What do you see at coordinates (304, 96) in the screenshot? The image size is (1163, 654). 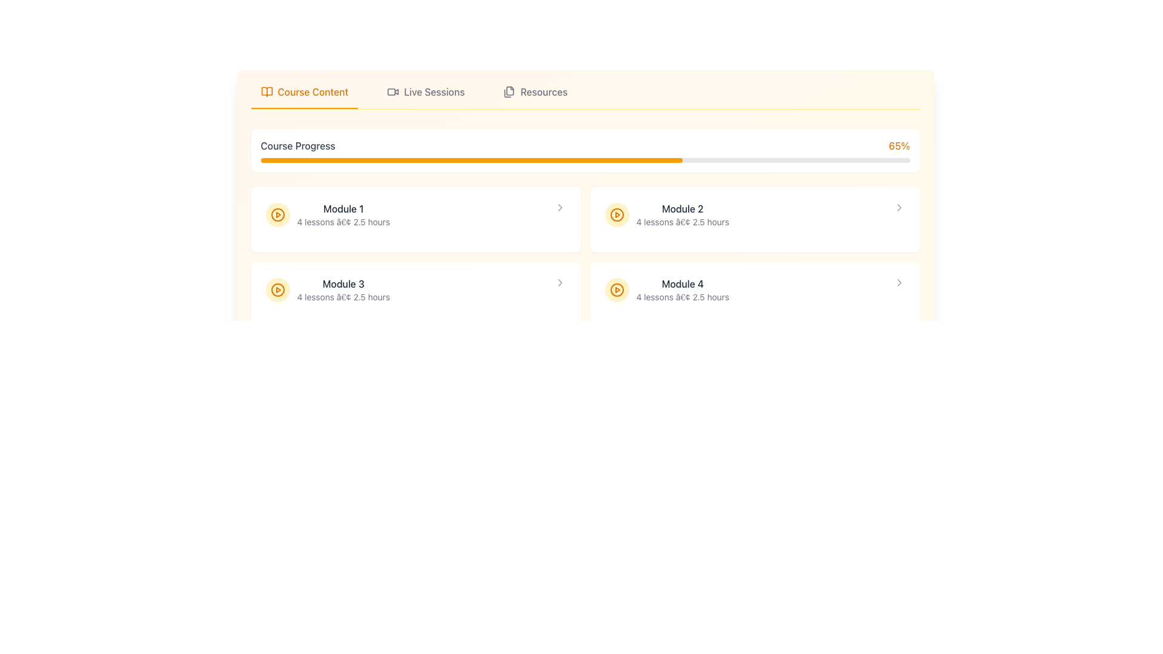 I see `the 'Course Content' tab in the top navigation bar` at bounding box center [304, 96].